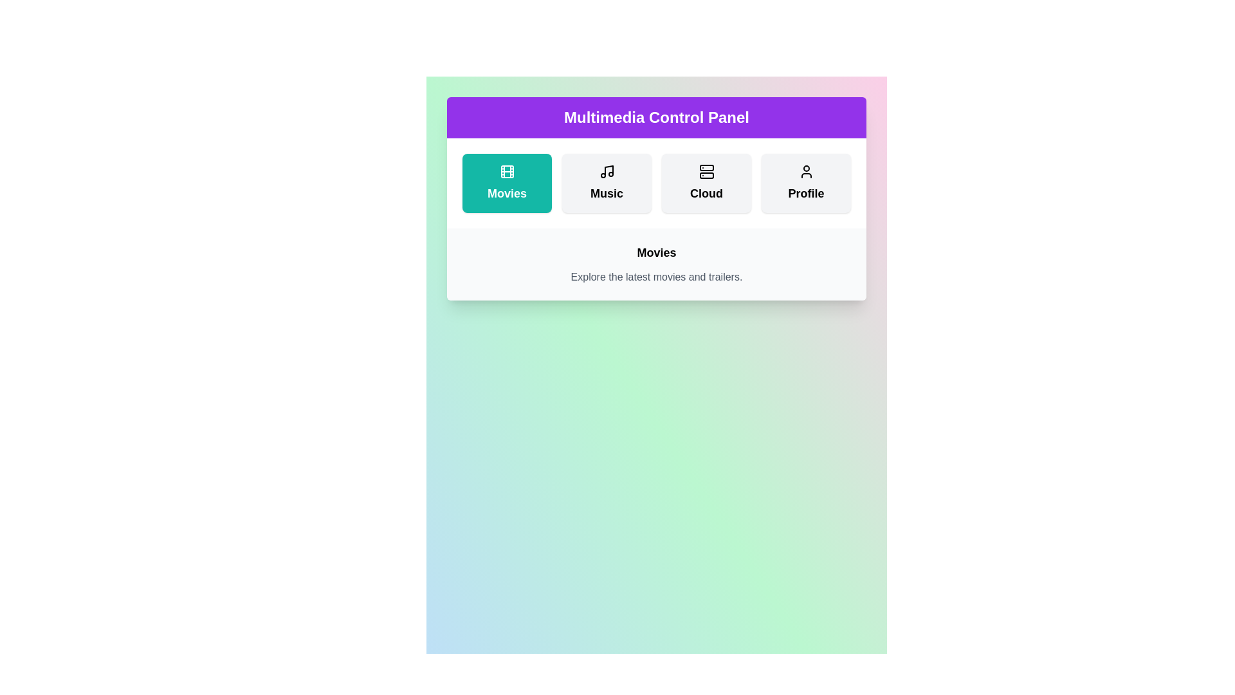 The width and height of the screenshot is (1235, 695). What do you see at coordinates (506, 183) in the screenshot?
I see `the Movies button to activate it` at bounding box center [506, 183].